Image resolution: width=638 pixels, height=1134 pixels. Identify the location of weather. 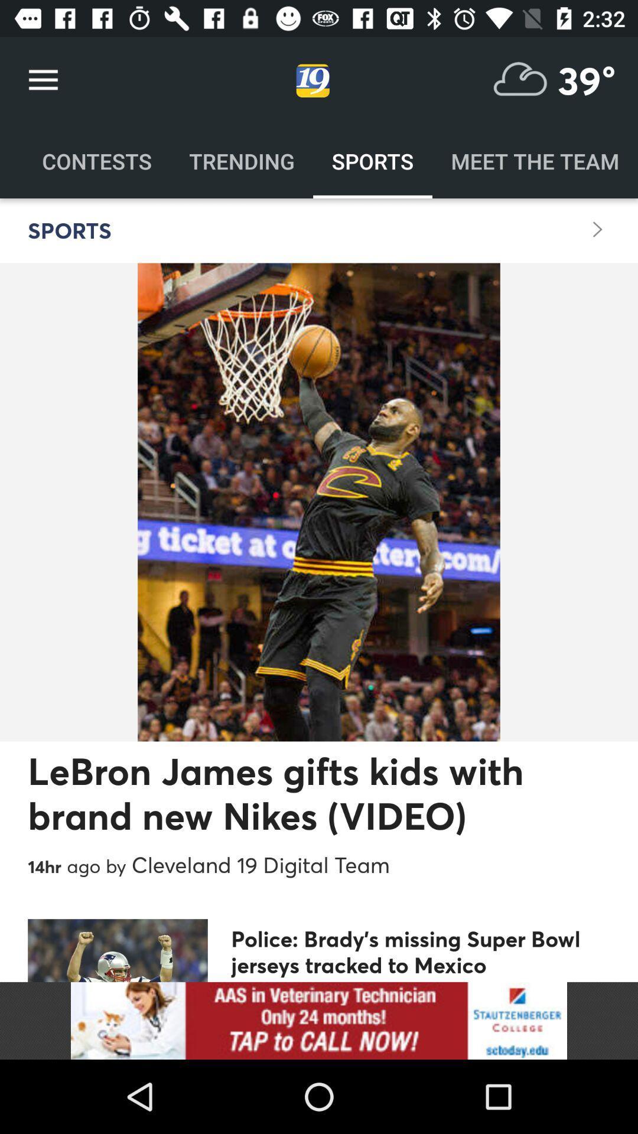
(520, 80).